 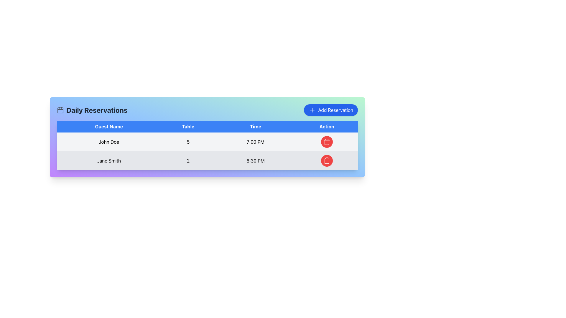 What do you see at coordinates (326, 142) in the screenshot?
I see `the delete icon button located in the last row of the table's 'Action' column` at bounding box center [326, 142].